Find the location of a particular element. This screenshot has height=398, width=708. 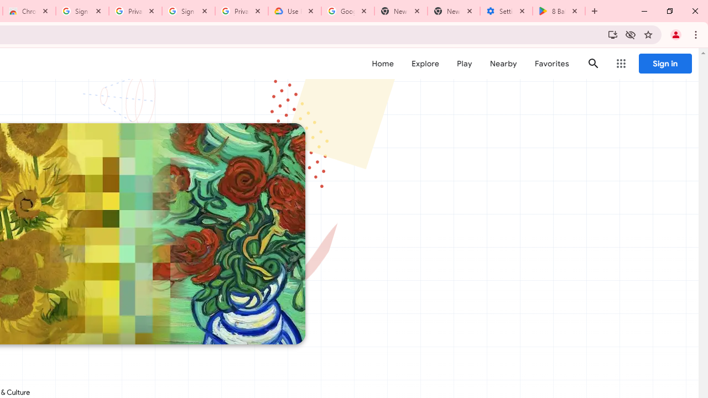

'Home' is located at coordinates (382, 64).